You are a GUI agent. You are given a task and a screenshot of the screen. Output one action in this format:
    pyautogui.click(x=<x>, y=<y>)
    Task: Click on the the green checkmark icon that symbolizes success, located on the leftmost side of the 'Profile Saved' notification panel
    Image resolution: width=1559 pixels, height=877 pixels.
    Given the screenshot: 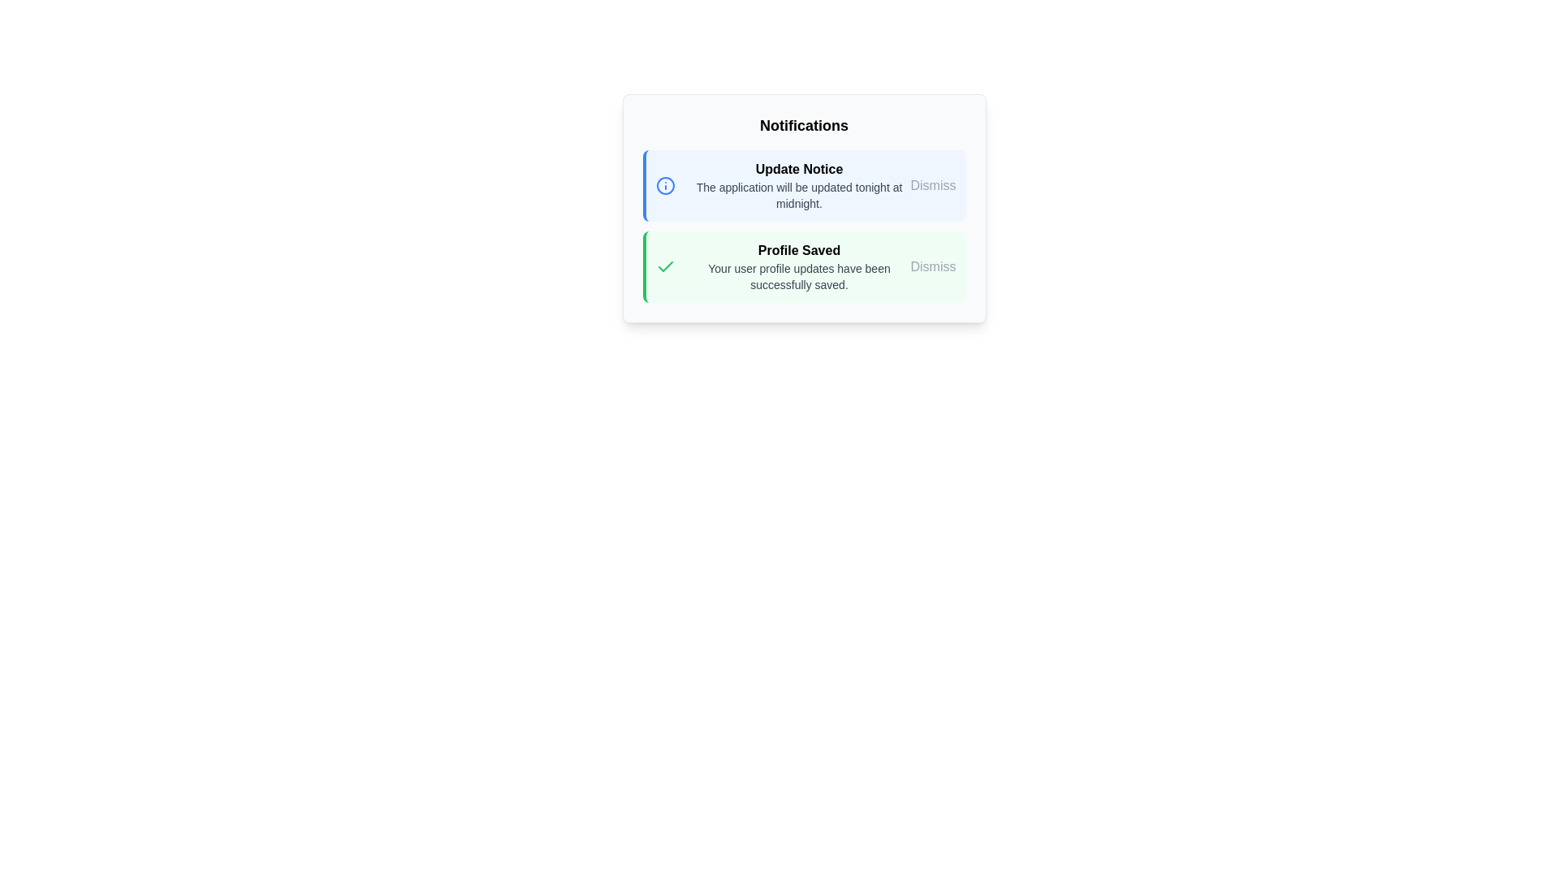 What is the action you would take?
    pyautogui.click(x=665, y=266)
    